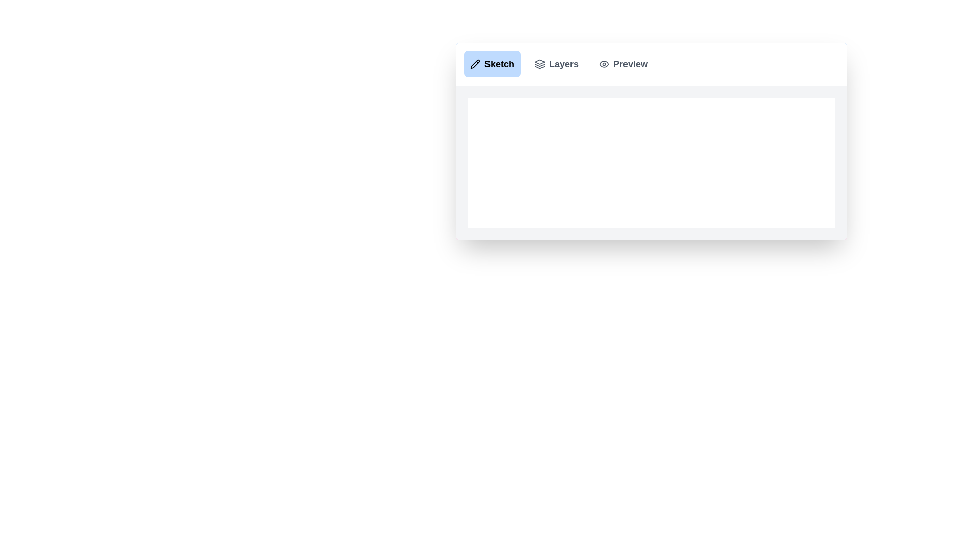 The width and height of the screenshot is (978, 550). I want to click on the 'Layers' tab to switch to it, so click(556, 64).